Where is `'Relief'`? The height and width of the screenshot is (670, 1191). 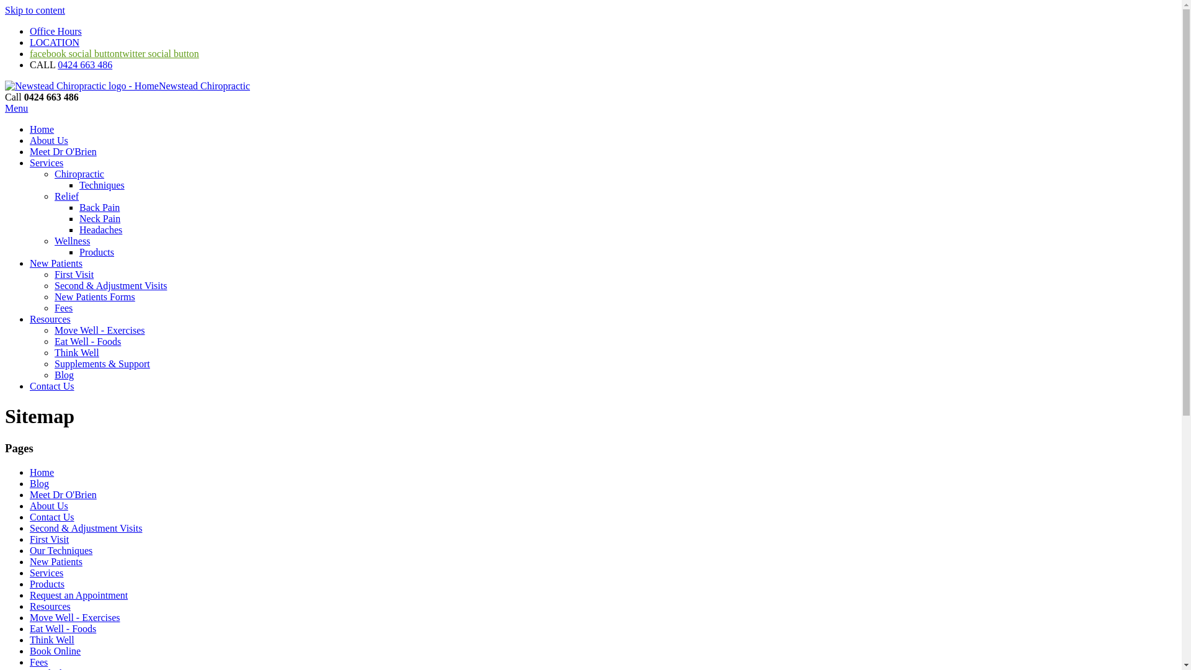
'Relief' is located at coordinates (66, 195).